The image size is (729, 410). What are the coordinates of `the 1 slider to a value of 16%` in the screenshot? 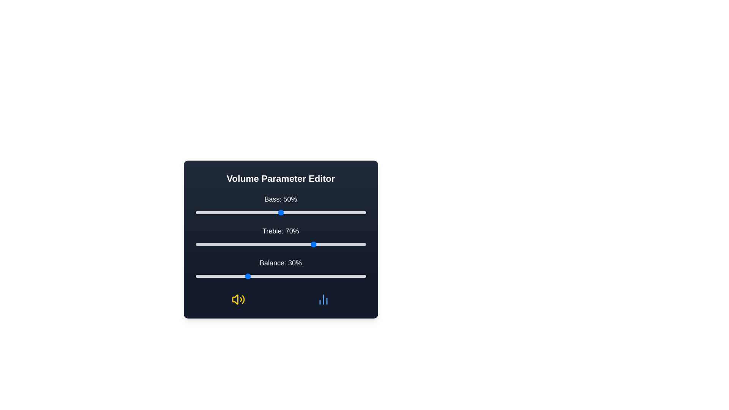 It's located at (222, 244).